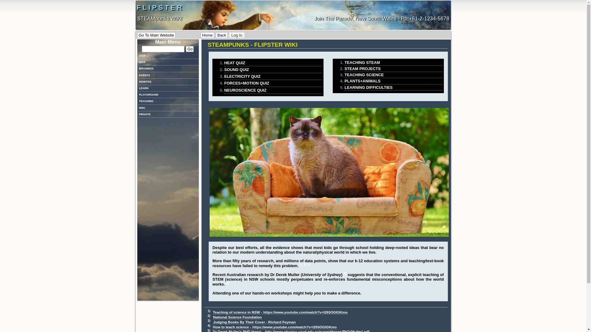  What do you see at coordinates (168, 62) in the screenshot?
I see `'2019'` at bounding box center [168, 62].